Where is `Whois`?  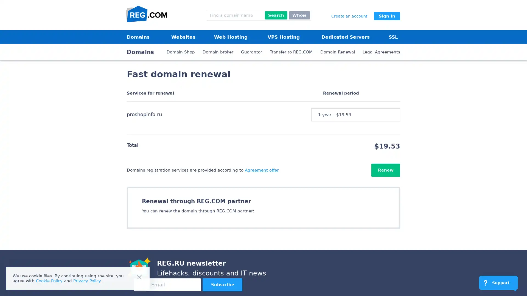
Whois is located at coordinates (299, 15).